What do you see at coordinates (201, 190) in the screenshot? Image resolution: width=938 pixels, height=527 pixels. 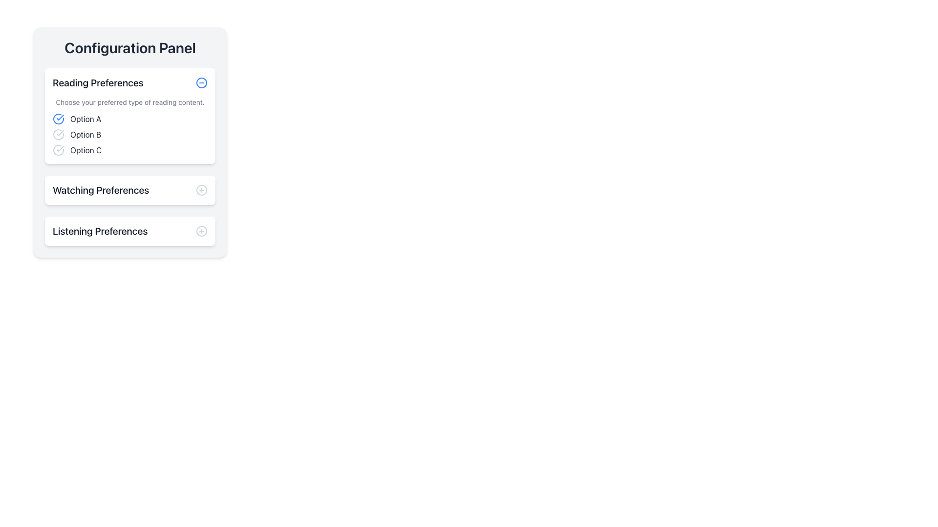 I see `the circular plus icon button located to the right of the 'Watching Preferences' label` at bounding box center [201, 190].